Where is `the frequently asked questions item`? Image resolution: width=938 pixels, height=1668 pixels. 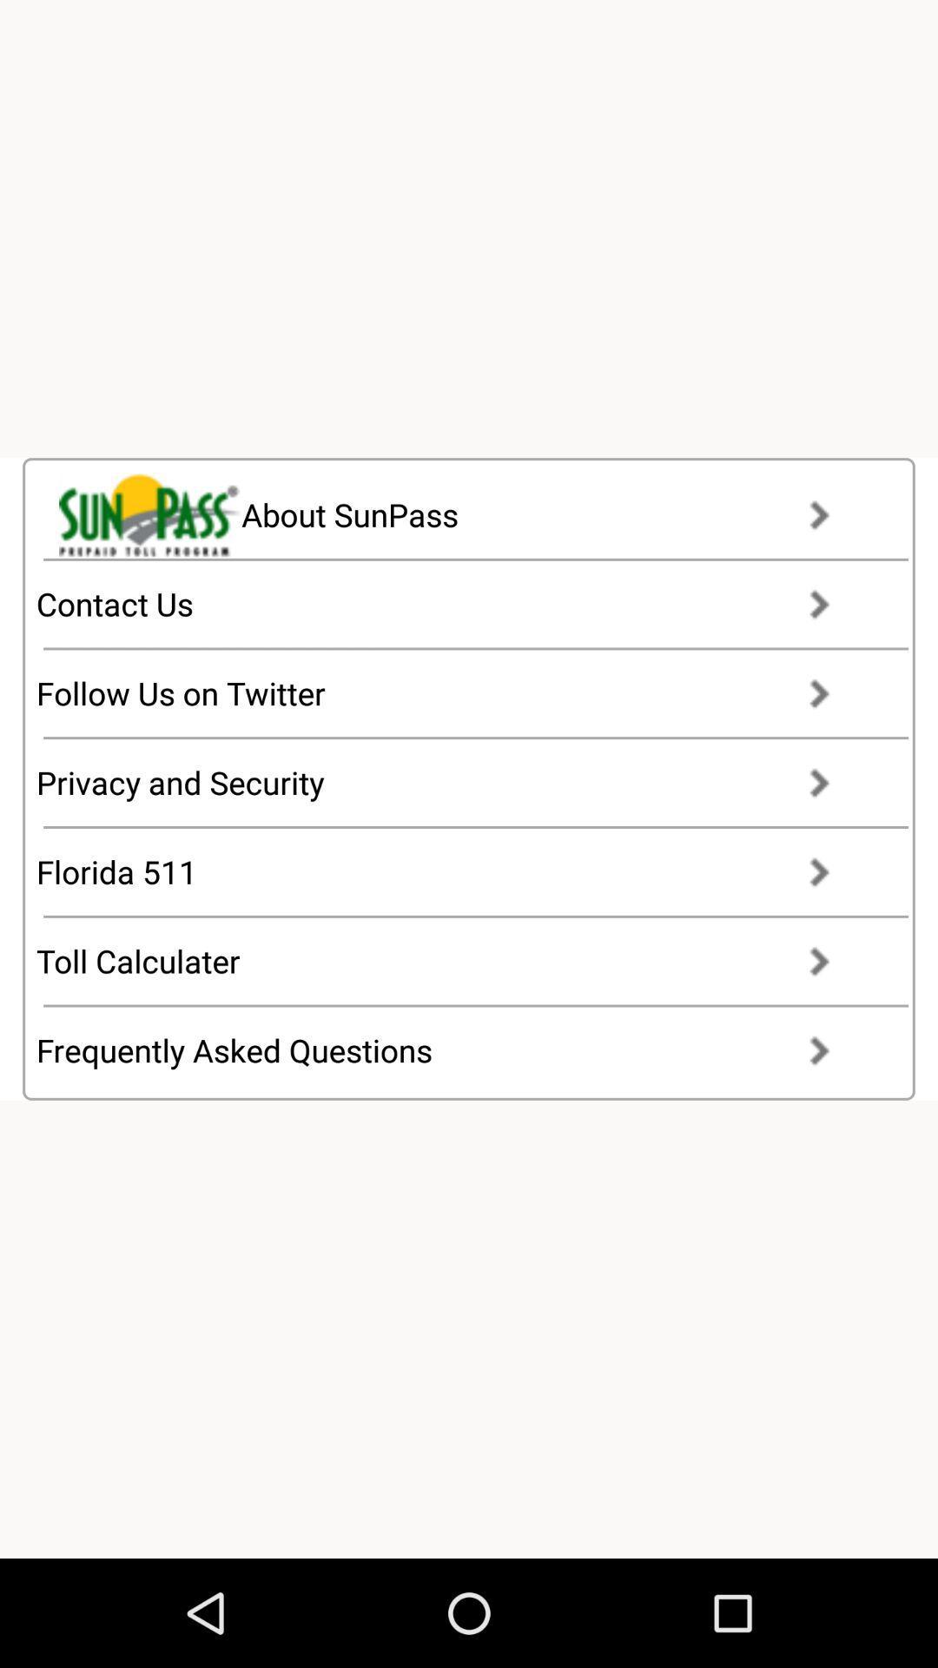
the frequently asked questions item is located at coordinates (448, 1049).